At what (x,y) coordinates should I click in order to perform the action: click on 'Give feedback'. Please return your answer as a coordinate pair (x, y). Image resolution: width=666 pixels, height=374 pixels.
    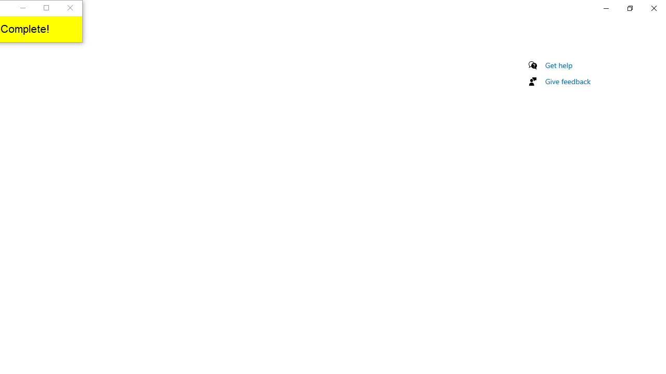
    Looking at the image, I should click on (567, 81).